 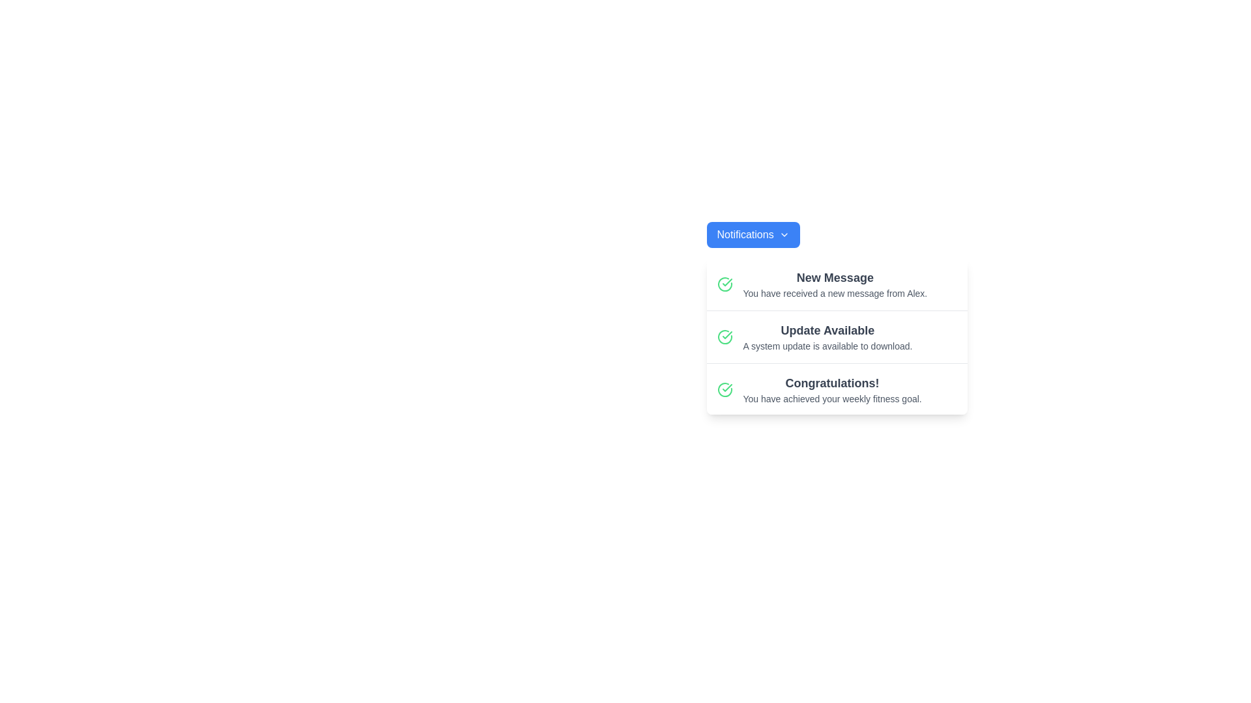 I want to click on the first notification item in the list to read the details about the new message from Alex, so click(x=837, y=284).